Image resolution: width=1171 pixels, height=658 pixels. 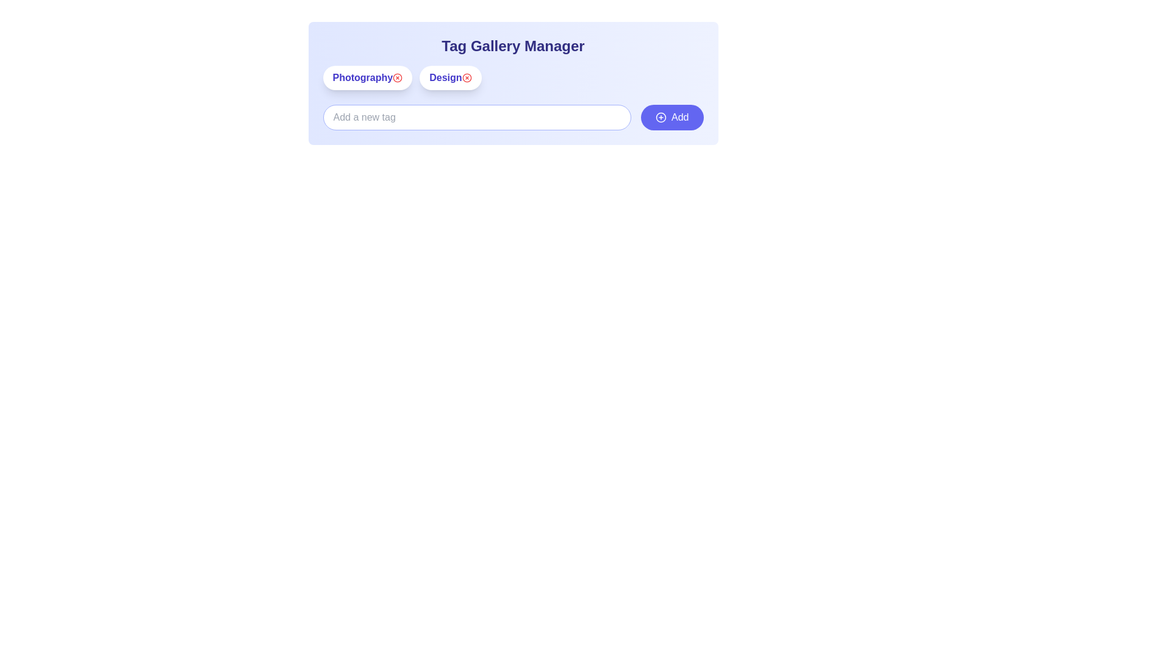 I want to click on the 'Add' button icon located at the bottom-right corner of the interface, so click(x=661, y=117).